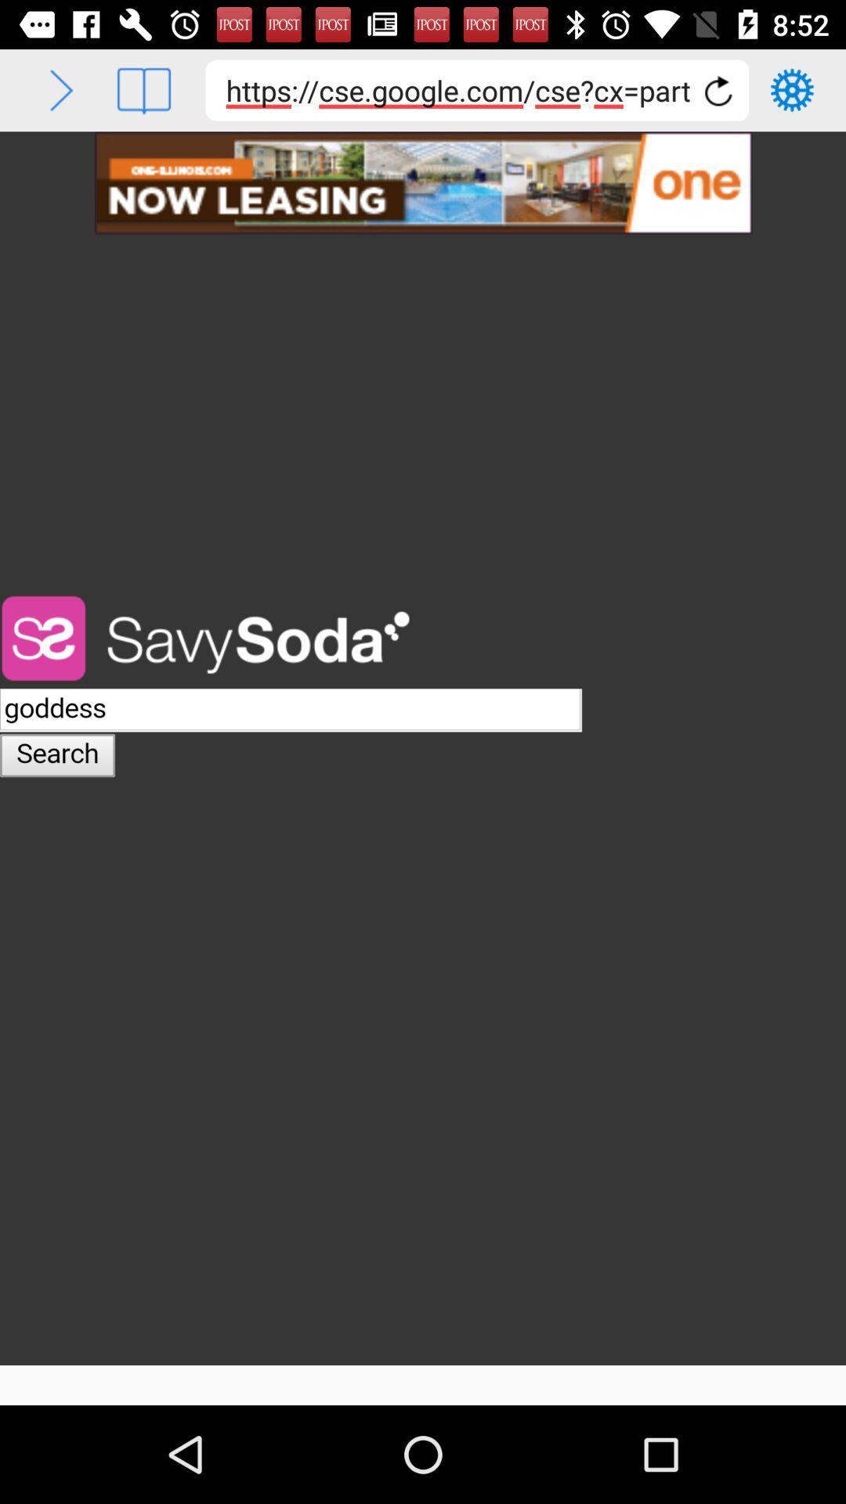 This screenshot has width=846, height=1504. Describe the element at coordinates (792, 89) in the screenshot. I see `settings menu` at that location.